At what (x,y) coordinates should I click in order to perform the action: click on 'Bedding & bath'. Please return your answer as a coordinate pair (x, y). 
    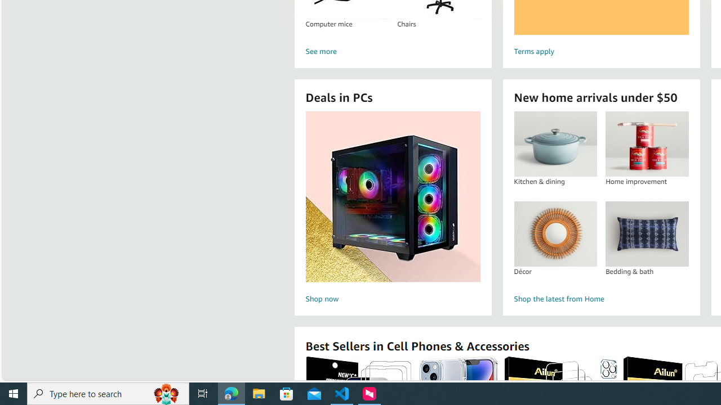
    Looking at the image, I should click on (647, 233).